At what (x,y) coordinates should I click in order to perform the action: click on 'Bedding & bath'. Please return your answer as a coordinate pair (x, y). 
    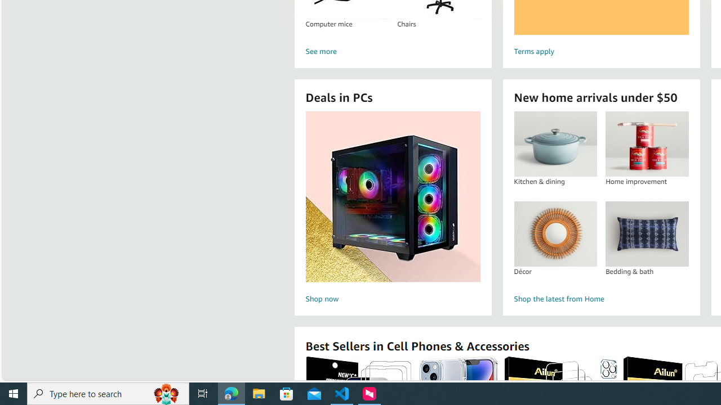
    Looking at the image, I should click on (647, 233).